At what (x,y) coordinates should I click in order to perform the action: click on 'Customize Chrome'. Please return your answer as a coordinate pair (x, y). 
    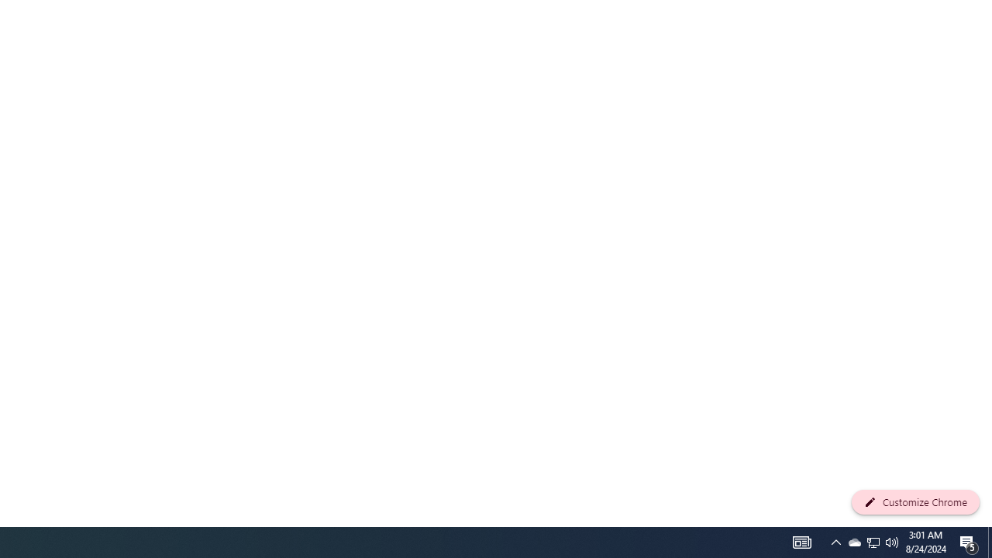
    Looking at the image, I should click on (915, 502).